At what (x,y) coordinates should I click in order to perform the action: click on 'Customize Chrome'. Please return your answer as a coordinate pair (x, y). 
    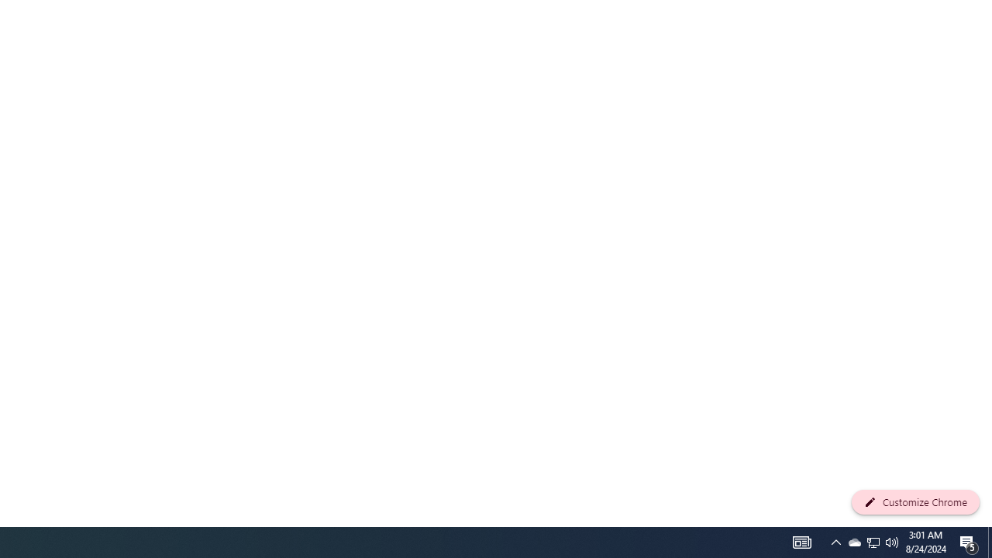
    Looking at the image, I should click on (915, 502).